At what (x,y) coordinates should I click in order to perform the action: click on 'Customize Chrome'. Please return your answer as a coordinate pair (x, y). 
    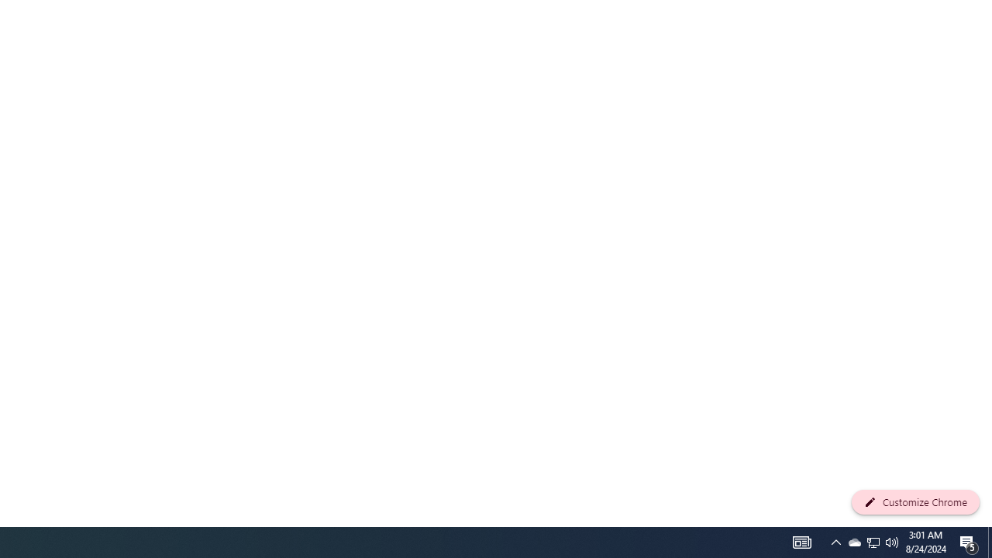
    Looking at the image, I should click on (915, 502).